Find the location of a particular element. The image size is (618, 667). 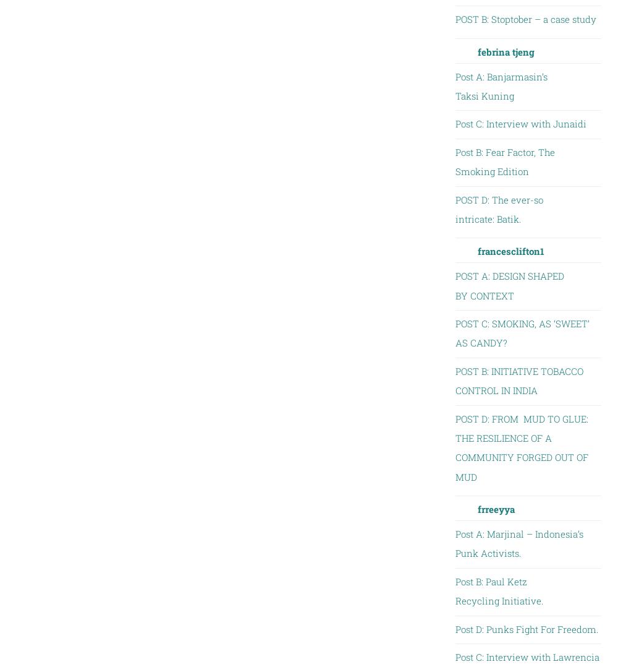

'Post B: Paul Ketz Recycling Initiative.' is located at coordinates (454, 590).